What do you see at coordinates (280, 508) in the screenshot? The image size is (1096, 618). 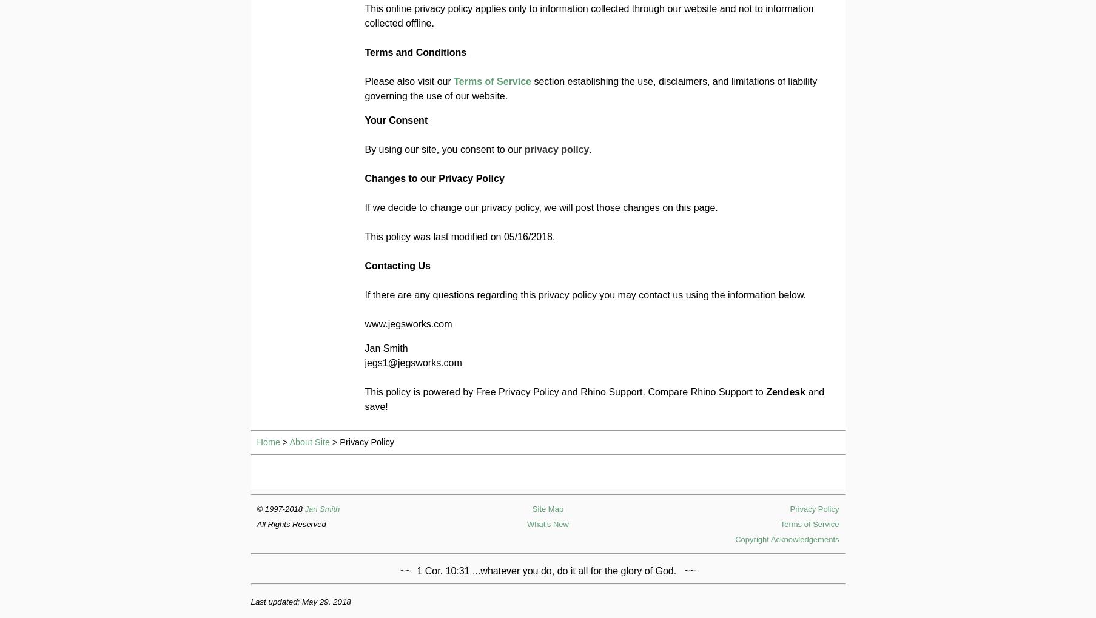 I see `'© 1997-2018'` at bounding box center [280, 508].